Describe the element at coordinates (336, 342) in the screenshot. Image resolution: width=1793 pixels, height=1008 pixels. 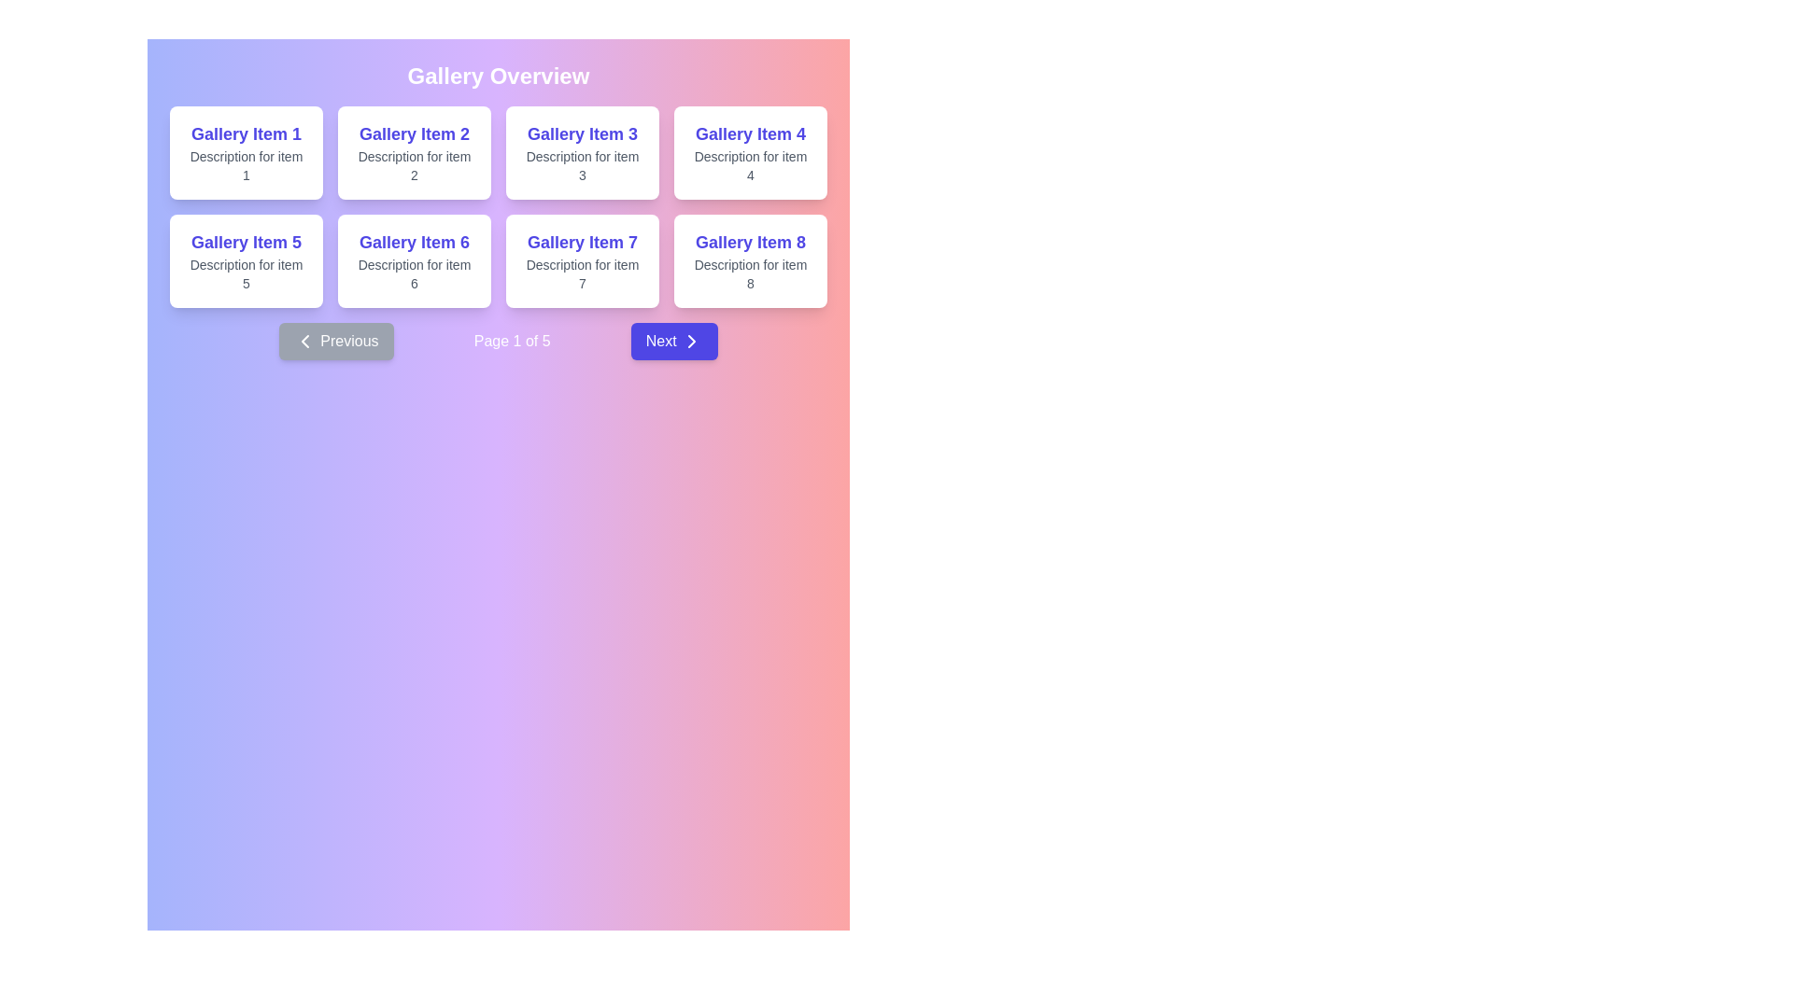
I see `the 'Previous' button with a dark blue background and white bold text` at that location.